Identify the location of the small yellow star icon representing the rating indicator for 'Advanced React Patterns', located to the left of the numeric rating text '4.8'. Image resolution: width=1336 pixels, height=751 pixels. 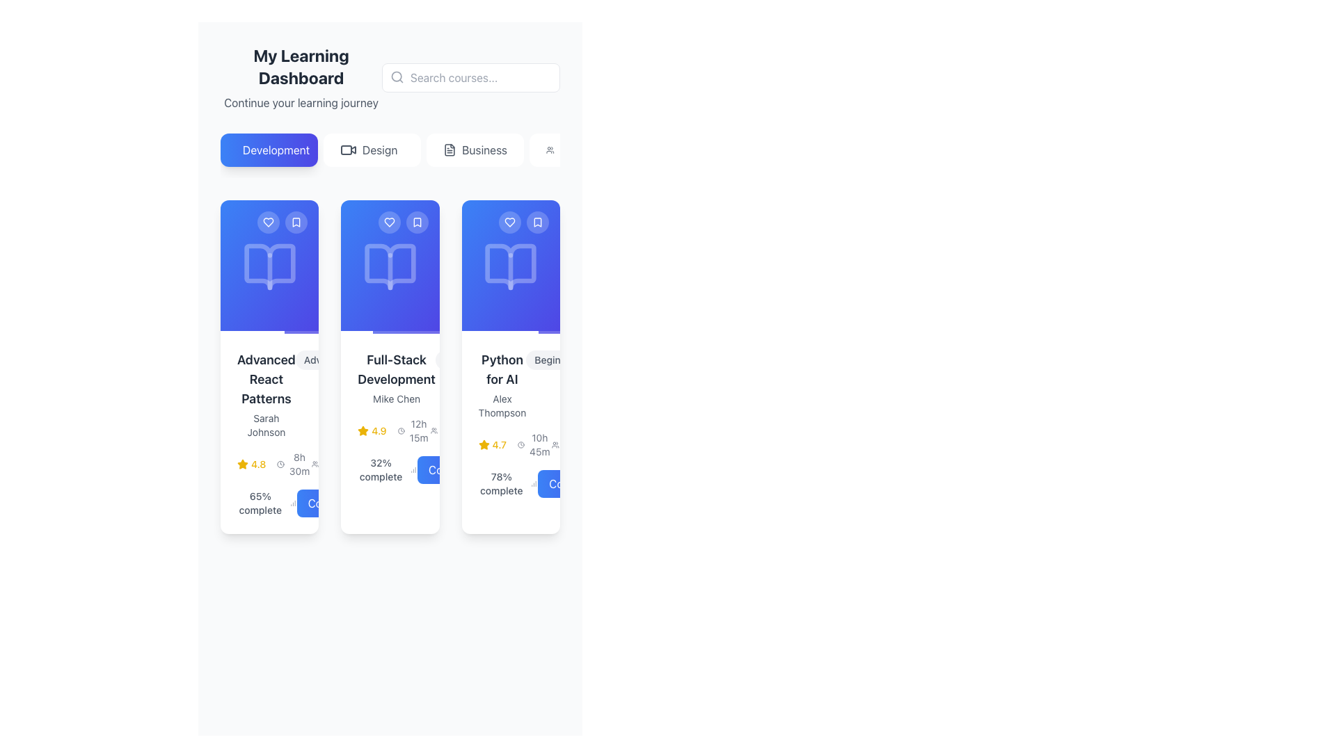
(243, 464).